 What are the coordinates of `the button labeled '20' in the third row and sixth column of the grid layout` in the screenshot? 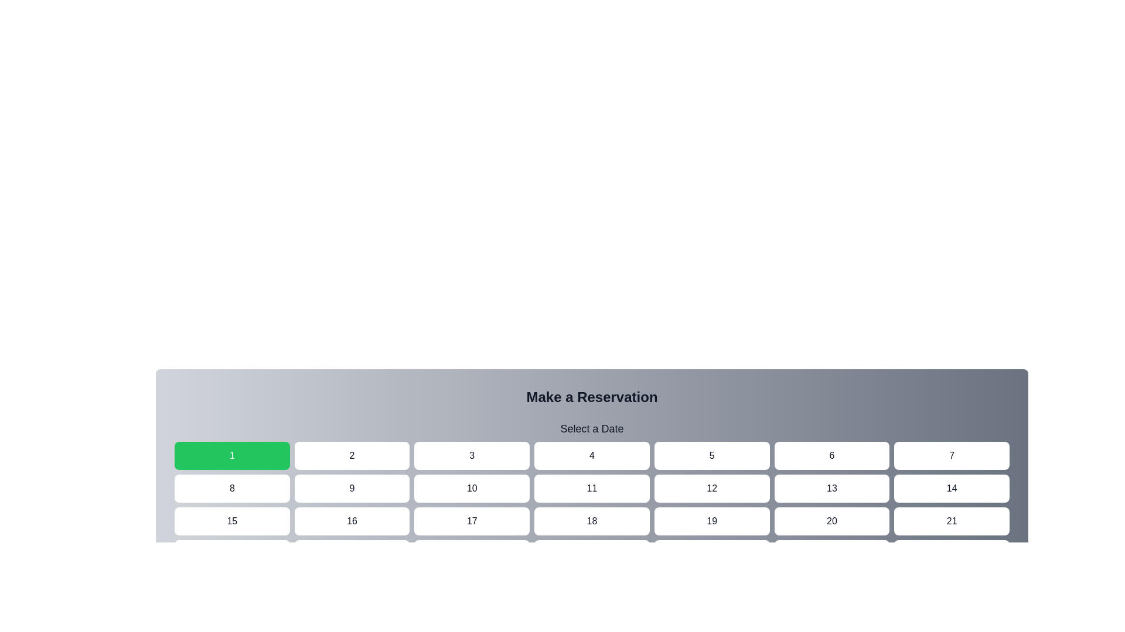 It's located at (831, 521).